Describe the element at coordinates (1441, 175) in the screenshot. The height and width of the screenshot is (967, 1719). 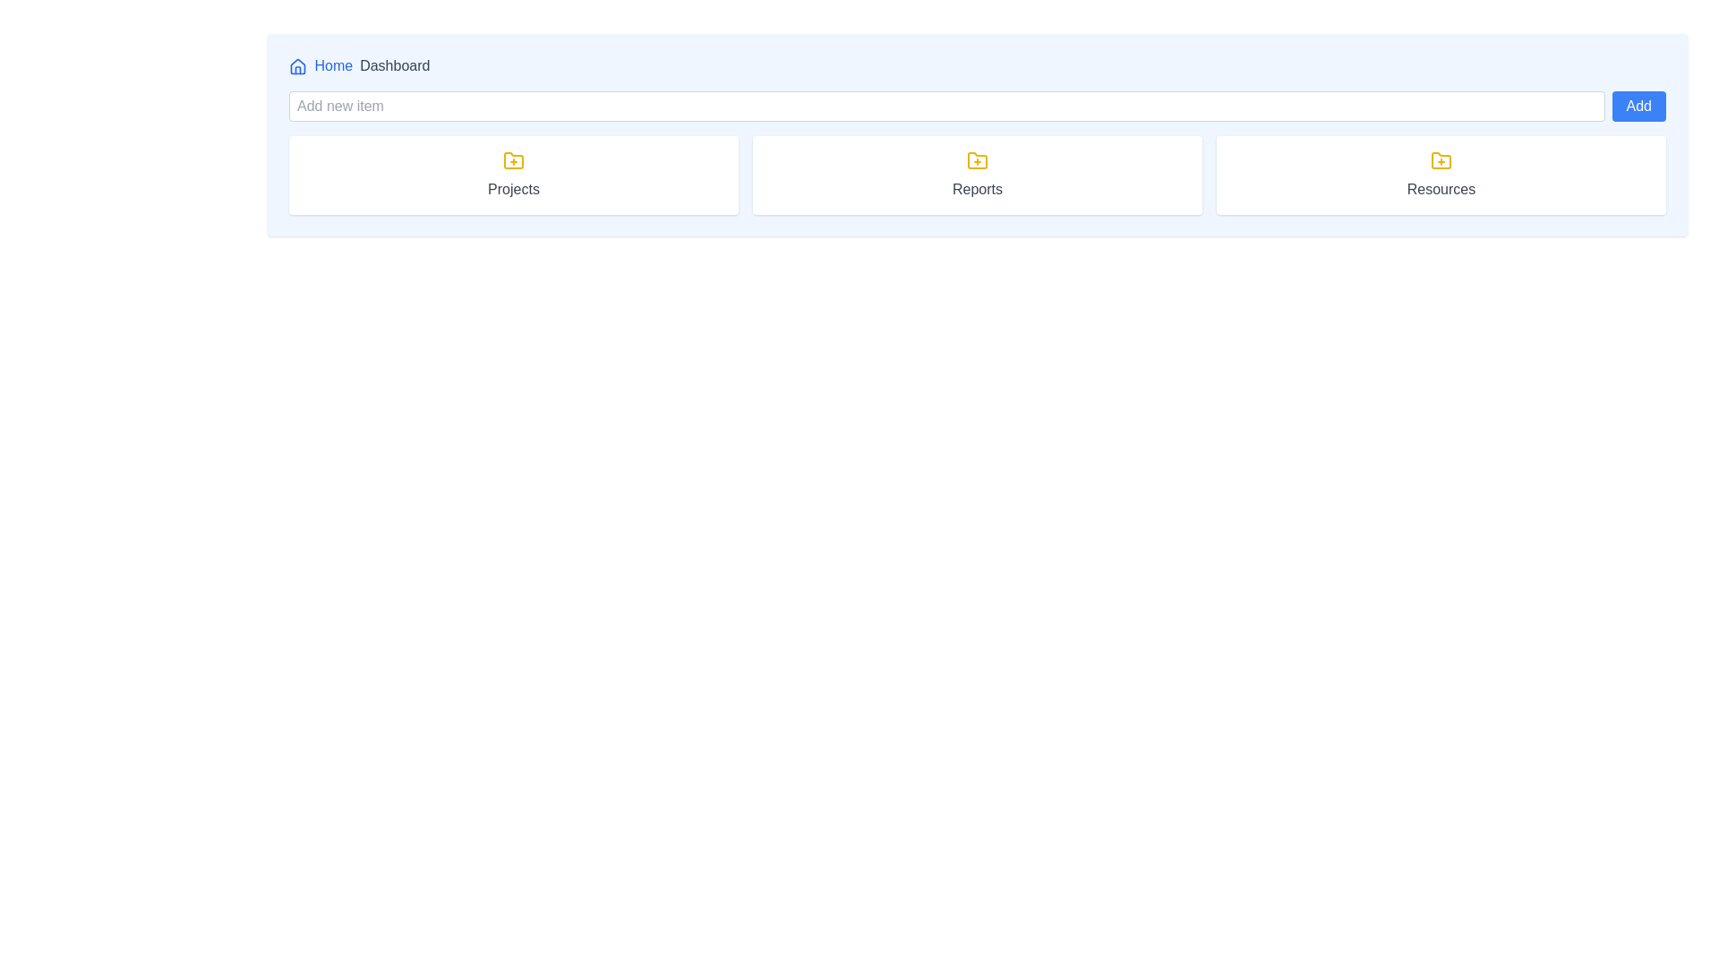
I see `the navigational button located in the grid layout, positioned to the right of the 'Projects' and 'Reports' buttons, to possibly reveal additional details` at that location.